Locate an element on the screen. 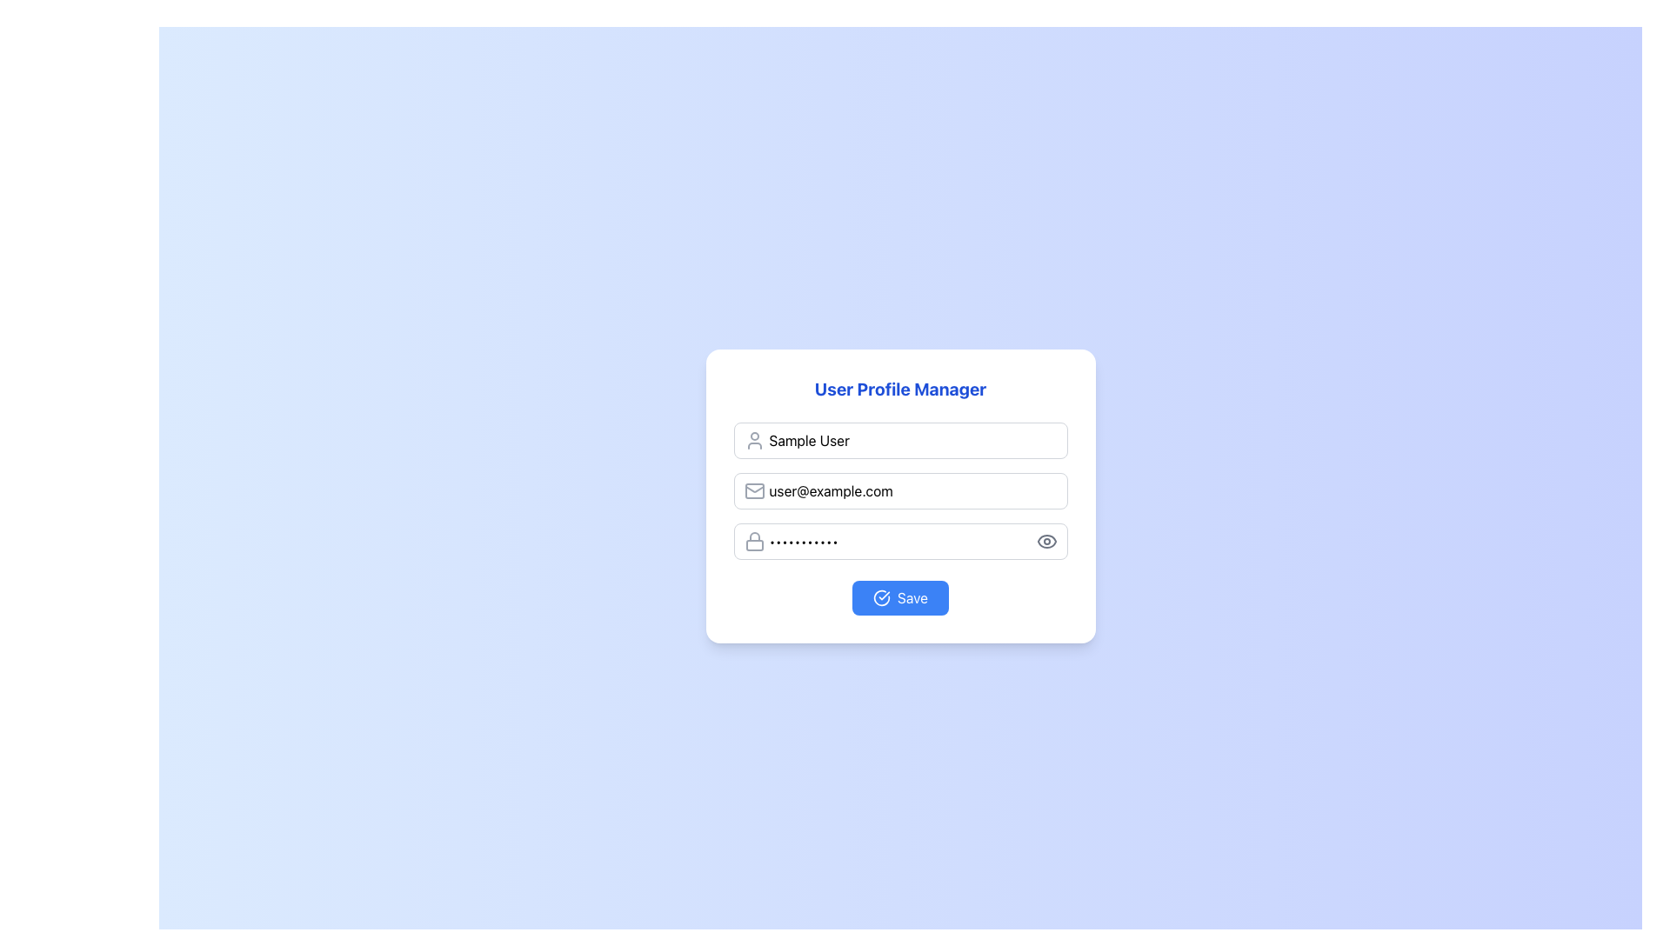 This screenshot has height=939, width=1670. the 'Save' text label within the blue button at the bottom of the user profile management form for accessibility usage is located at coordinates (912, 596).